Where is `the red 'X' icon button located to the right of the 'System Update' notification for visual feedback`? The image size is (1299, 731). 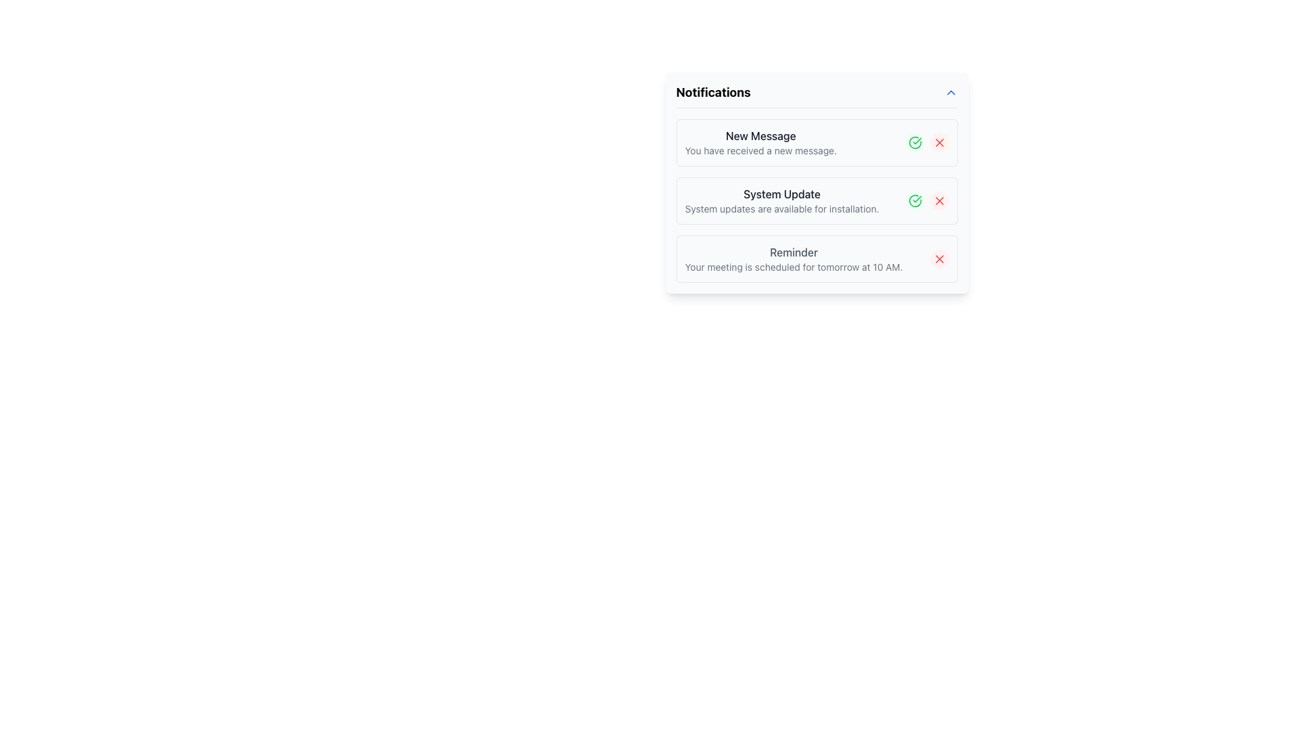 the red 'X' icon button located to the right of the 'System Update' notification for visual feedback is located at coordinates (938, 201).